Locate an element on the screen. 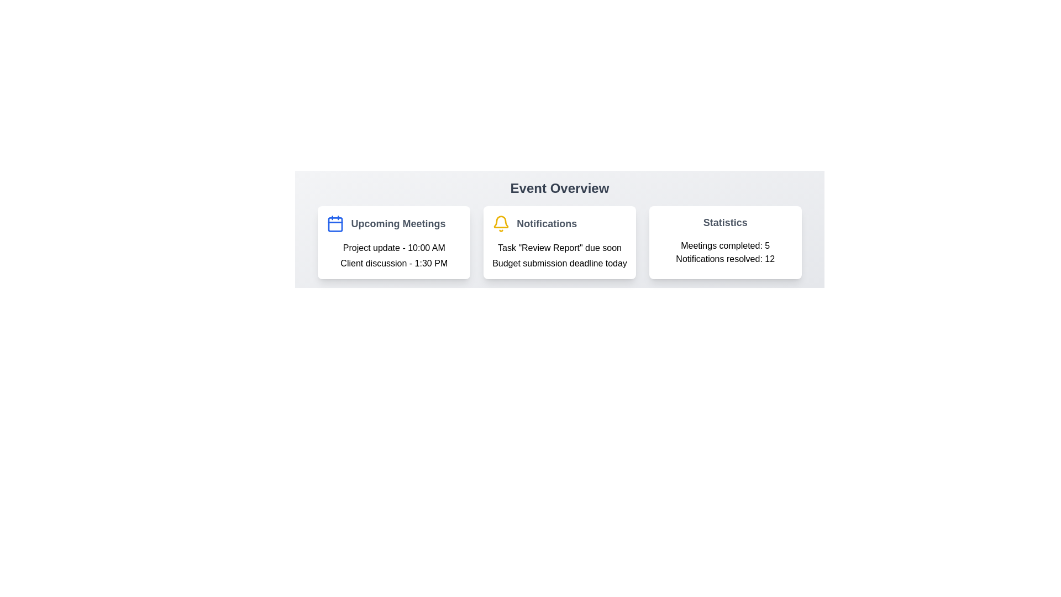  notifications displayed in the Notifications panel, which is styled with a white background and contains a title in bold gray text with a yellow bell icon is located at coordinates (559, 242).